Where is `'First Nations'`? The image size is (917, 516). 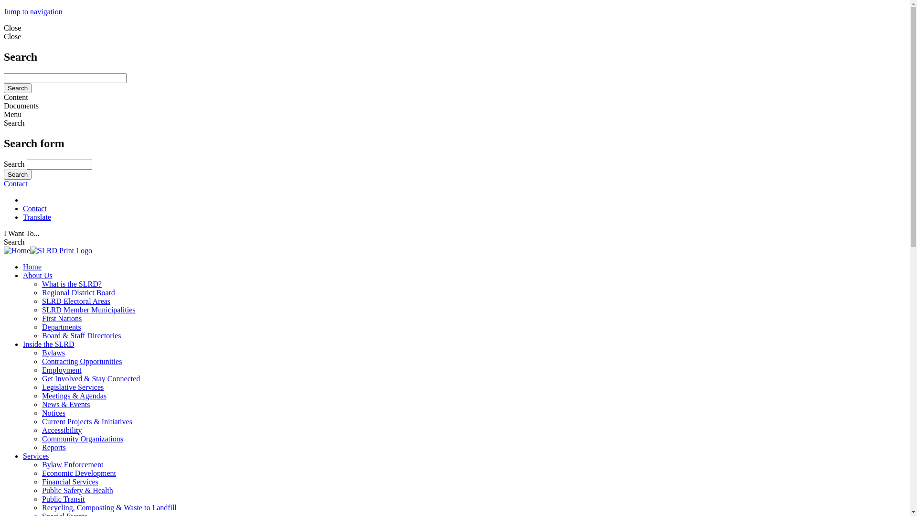
'First Nations' is located at coordinates (61, 318).